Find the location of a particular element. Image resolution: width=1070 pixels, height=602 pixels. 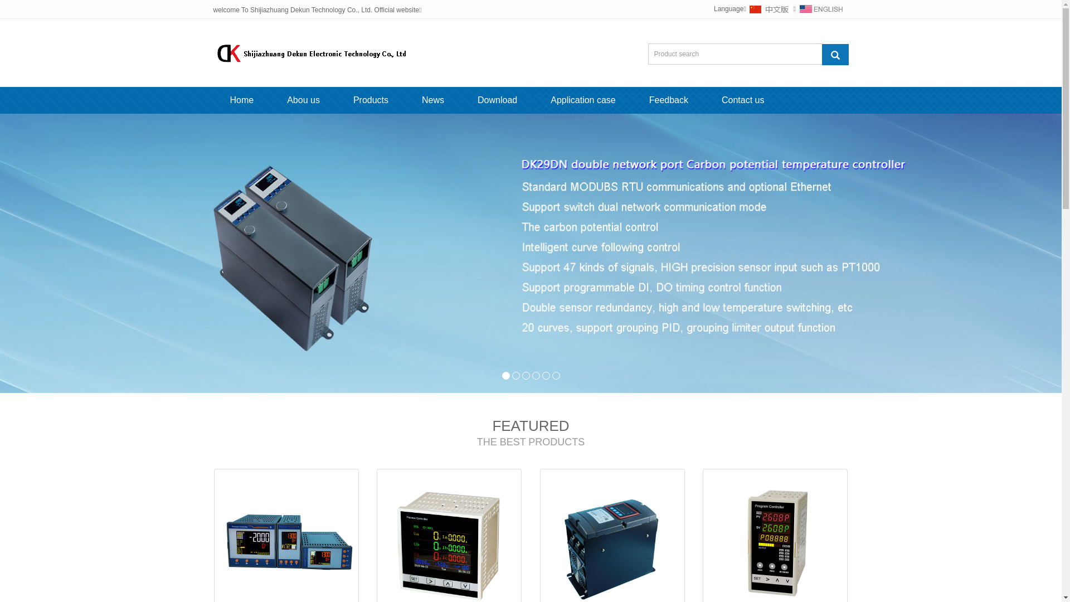

'Product search' is located at coordinates (821, 54).